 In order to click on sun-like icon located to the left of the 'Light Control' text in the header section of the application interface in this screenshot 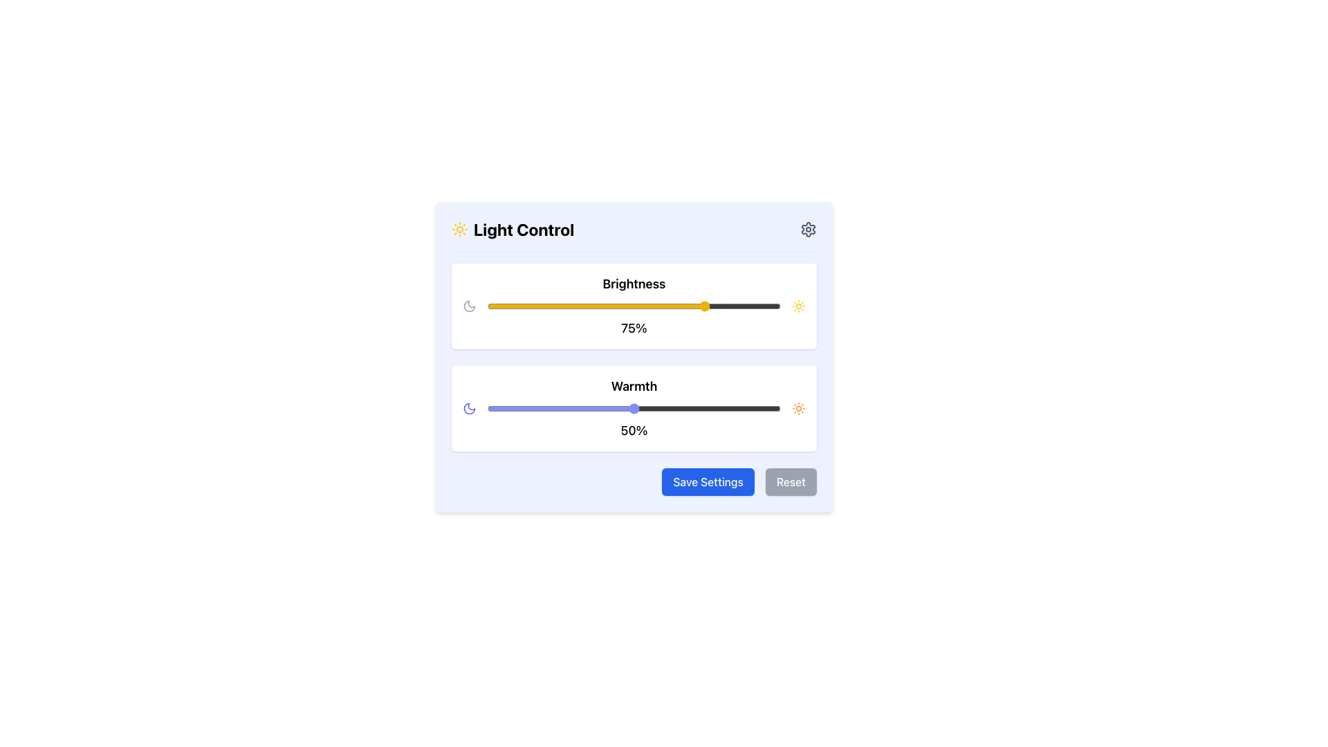, I will do `click(460, 228)`.